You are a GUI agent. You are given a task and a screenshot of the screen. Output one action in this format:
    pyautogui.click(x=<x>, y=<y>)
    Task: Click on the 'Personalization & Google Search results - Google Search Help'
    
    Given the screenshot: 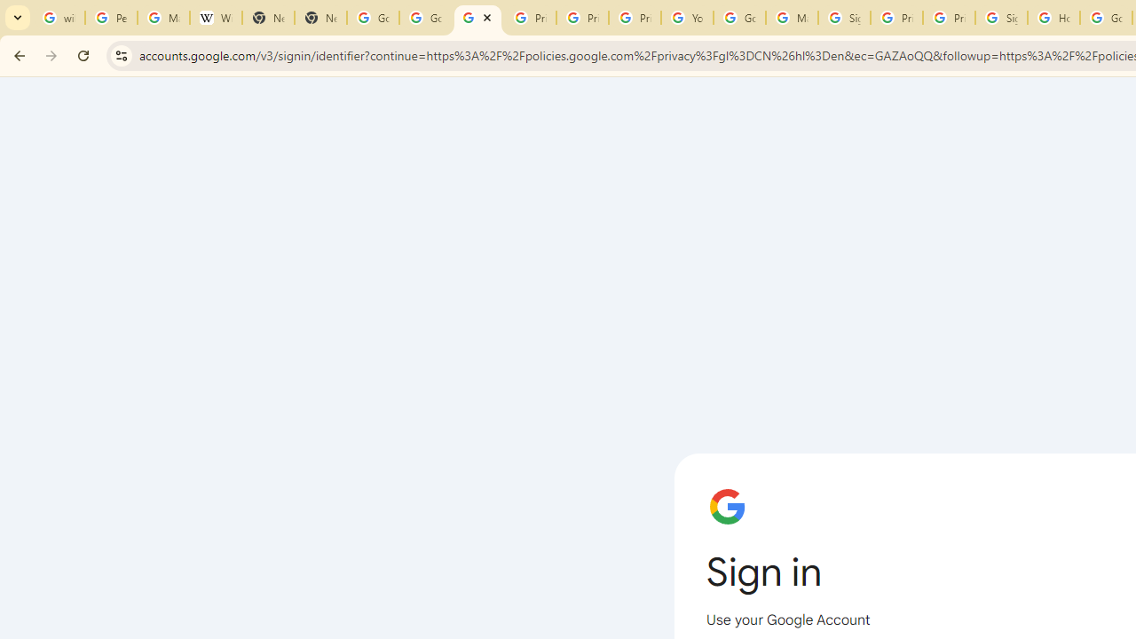 What is the action you would take?
    pyautogui.click(x=110, y=18)
    